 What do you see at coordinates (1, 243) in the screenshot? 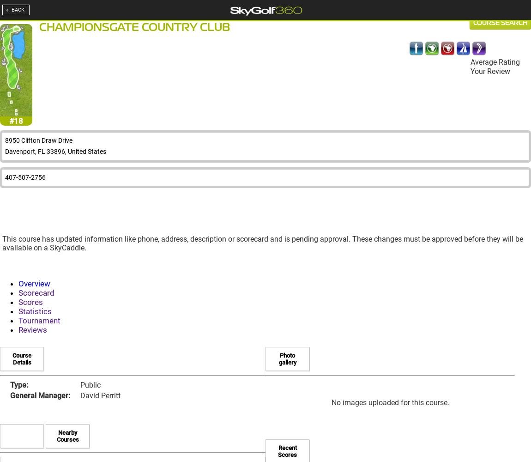
I see `'This course has updated information like phone, address, description or scorecard and is pending approval. These changes must be approved before they will be available on a SkyCaddie.'` at bounding box center [1, 243].